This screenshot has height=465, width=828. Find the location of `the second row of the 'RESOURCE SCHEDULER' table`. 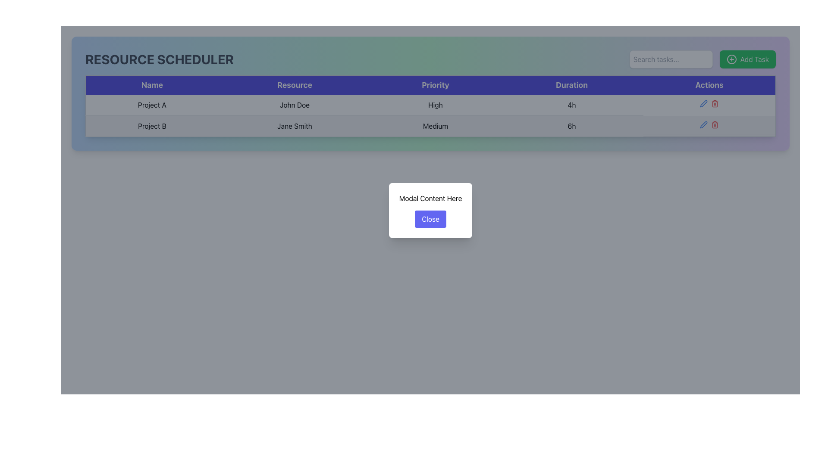

the second row of the 'RESOURCE SCHEDULER' table is located at coordinates (430, 126).